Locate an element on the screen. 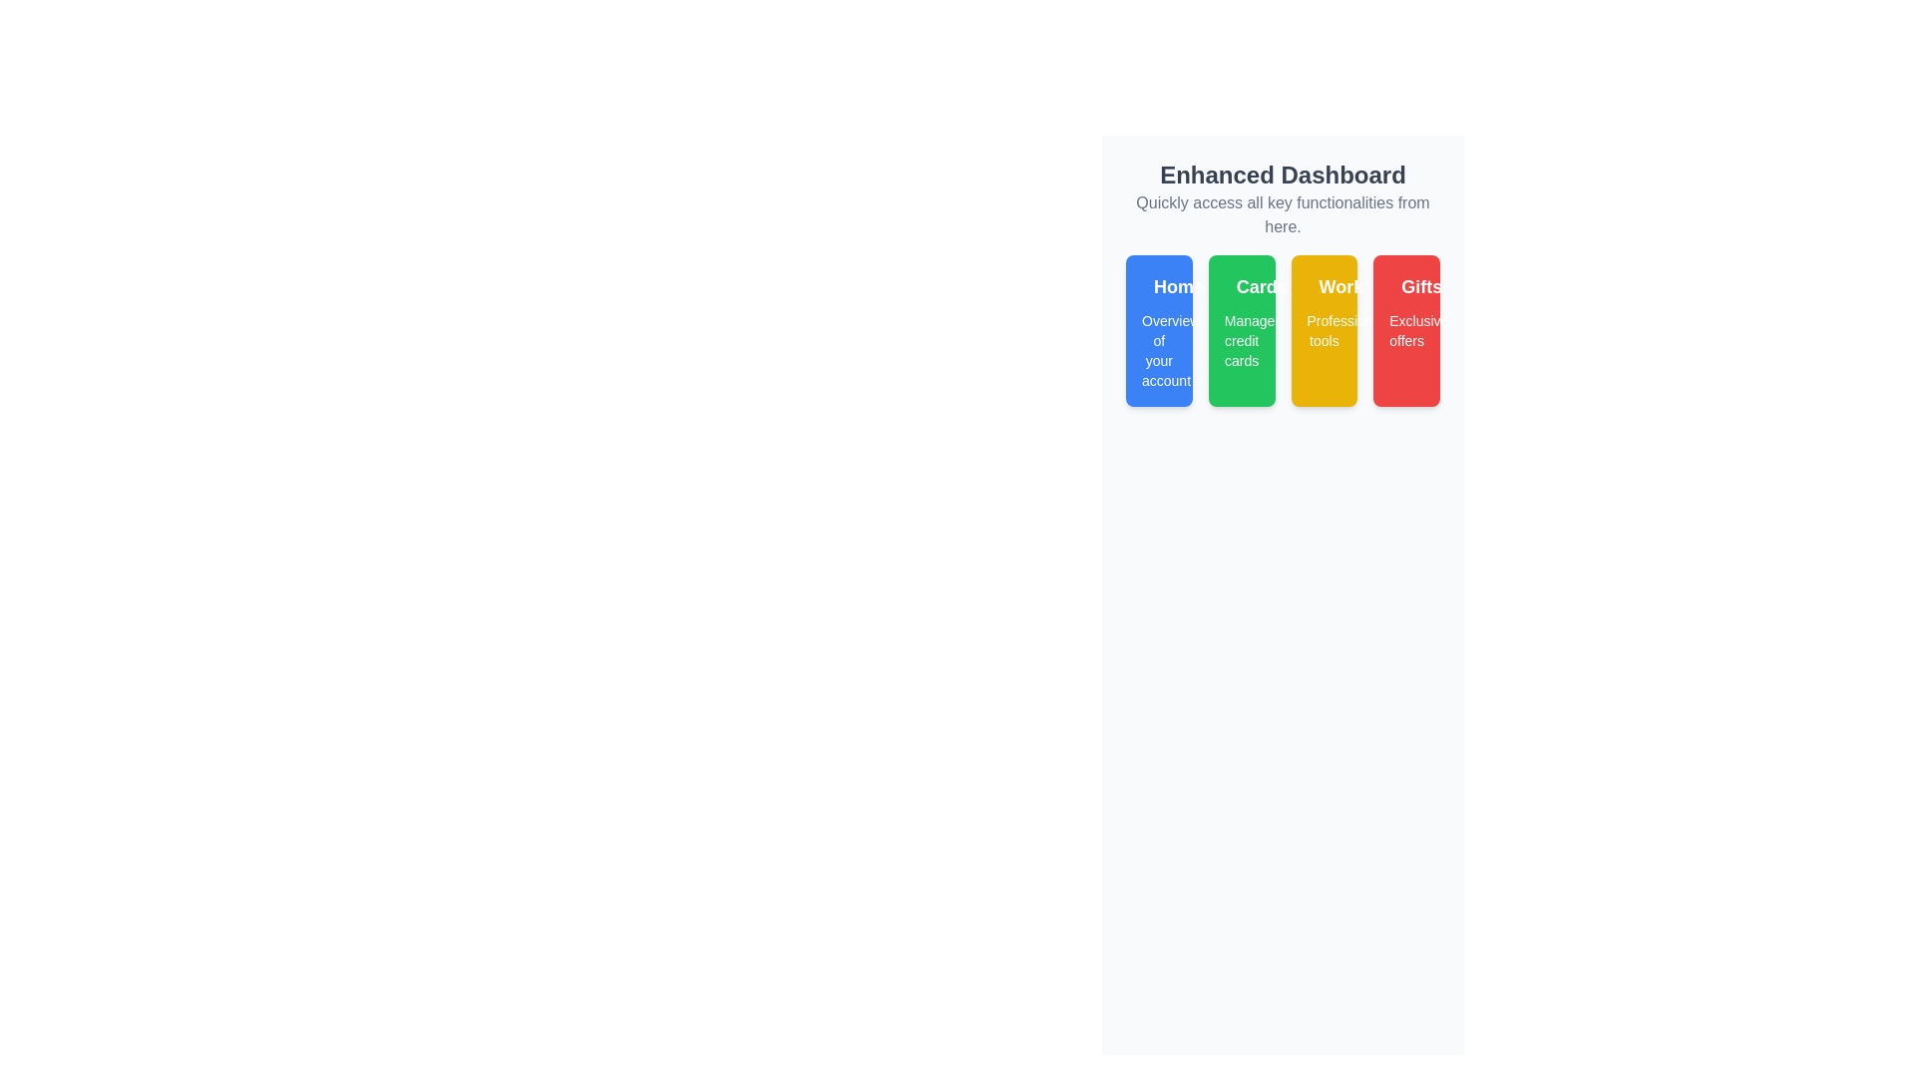  description of the Text Block displaying 'Enhanced Dashboard' and its functionalities is located at coordinates (1283, 199).